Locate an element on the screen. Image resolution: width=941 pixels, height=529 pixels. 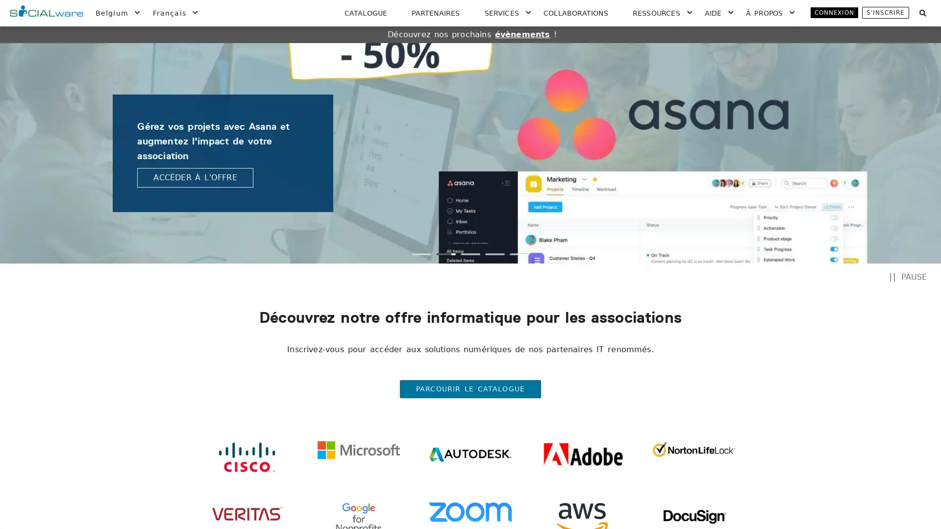
PAUSE is located at coordinates (908, 277).